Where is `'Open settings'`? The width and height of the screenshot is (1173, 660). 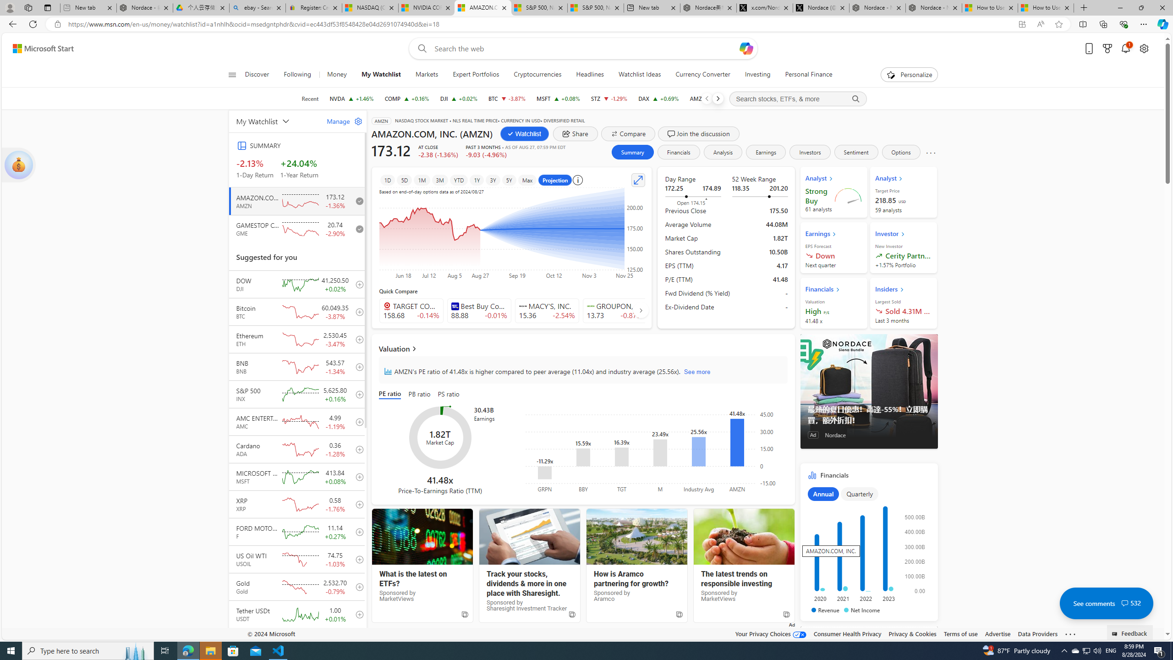
'Open settings' is located at coordinates (1144, 49).